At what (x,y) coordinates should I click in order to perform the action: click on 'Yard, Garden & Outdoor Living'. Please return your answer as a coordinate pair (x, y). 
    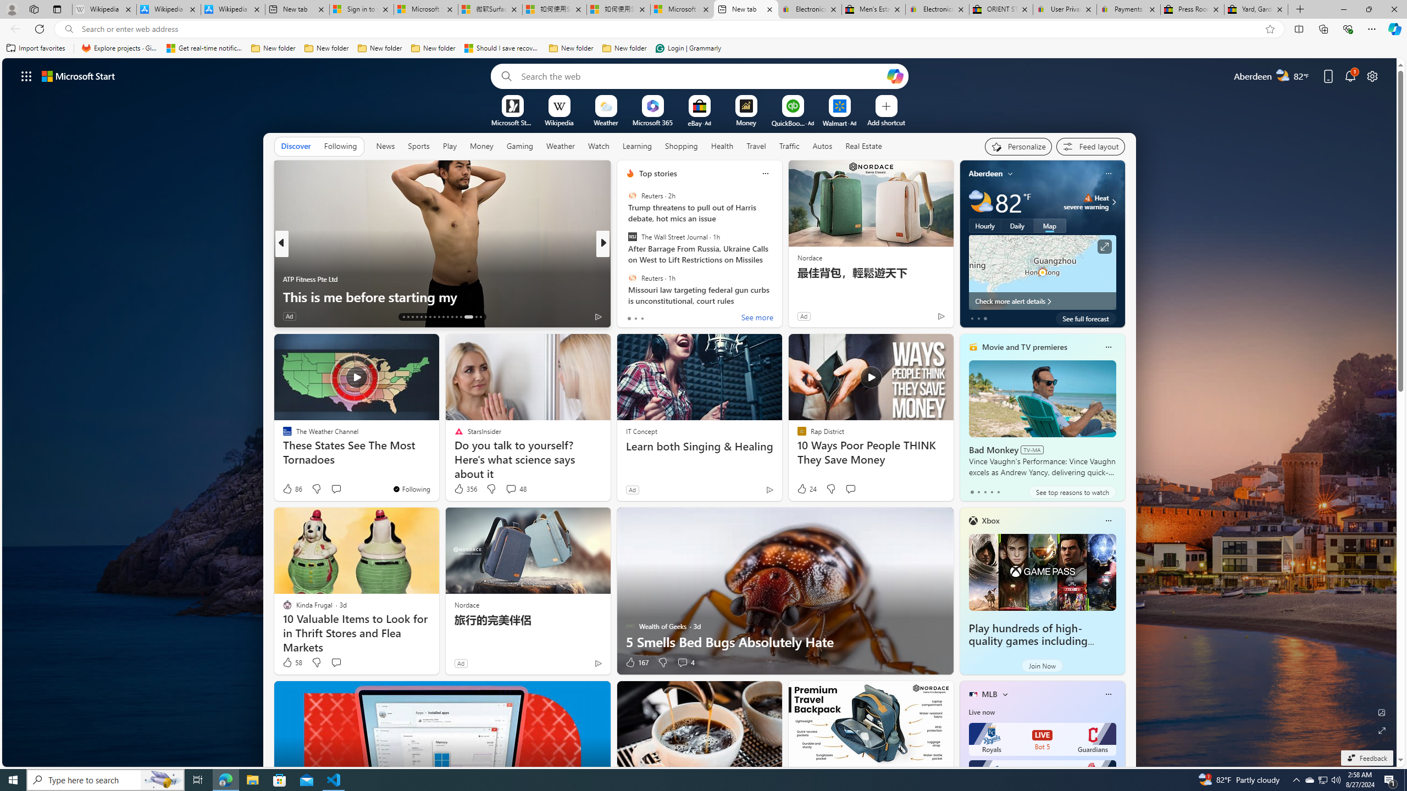
    Looking at the image, I should click on (1256, 9).